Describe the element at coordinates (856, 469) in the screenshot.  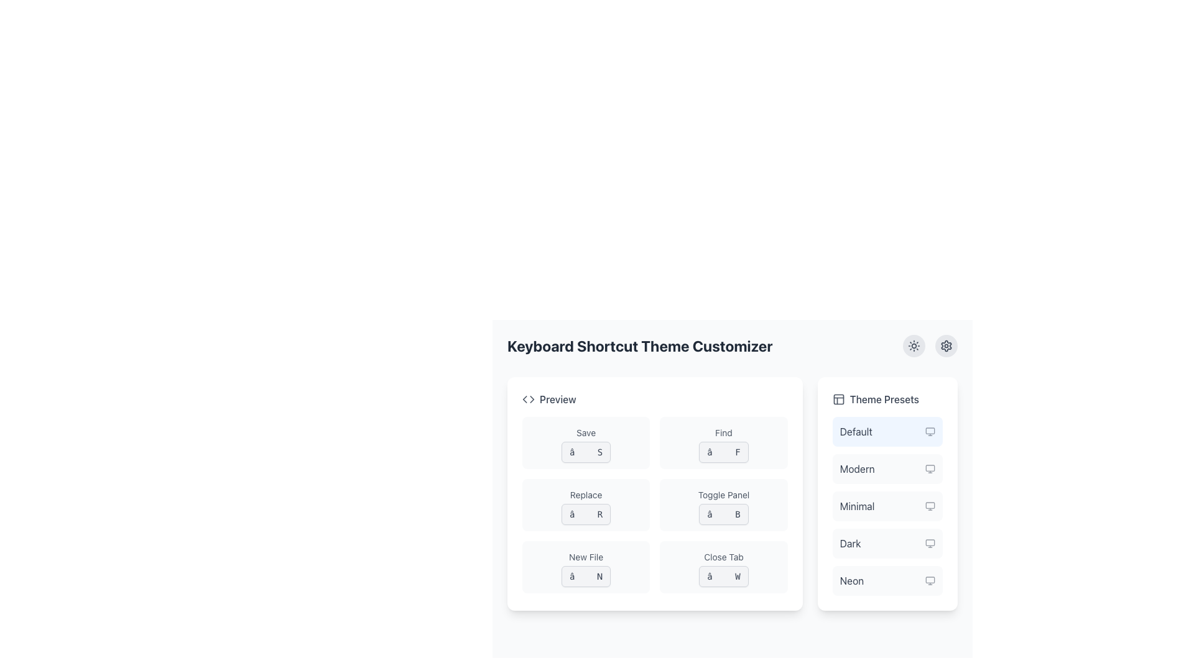
I see `text of the 'Modern' theme option label, which is the second item in the vertical list of theme options under the 'Theme Presets' heading` at that location.